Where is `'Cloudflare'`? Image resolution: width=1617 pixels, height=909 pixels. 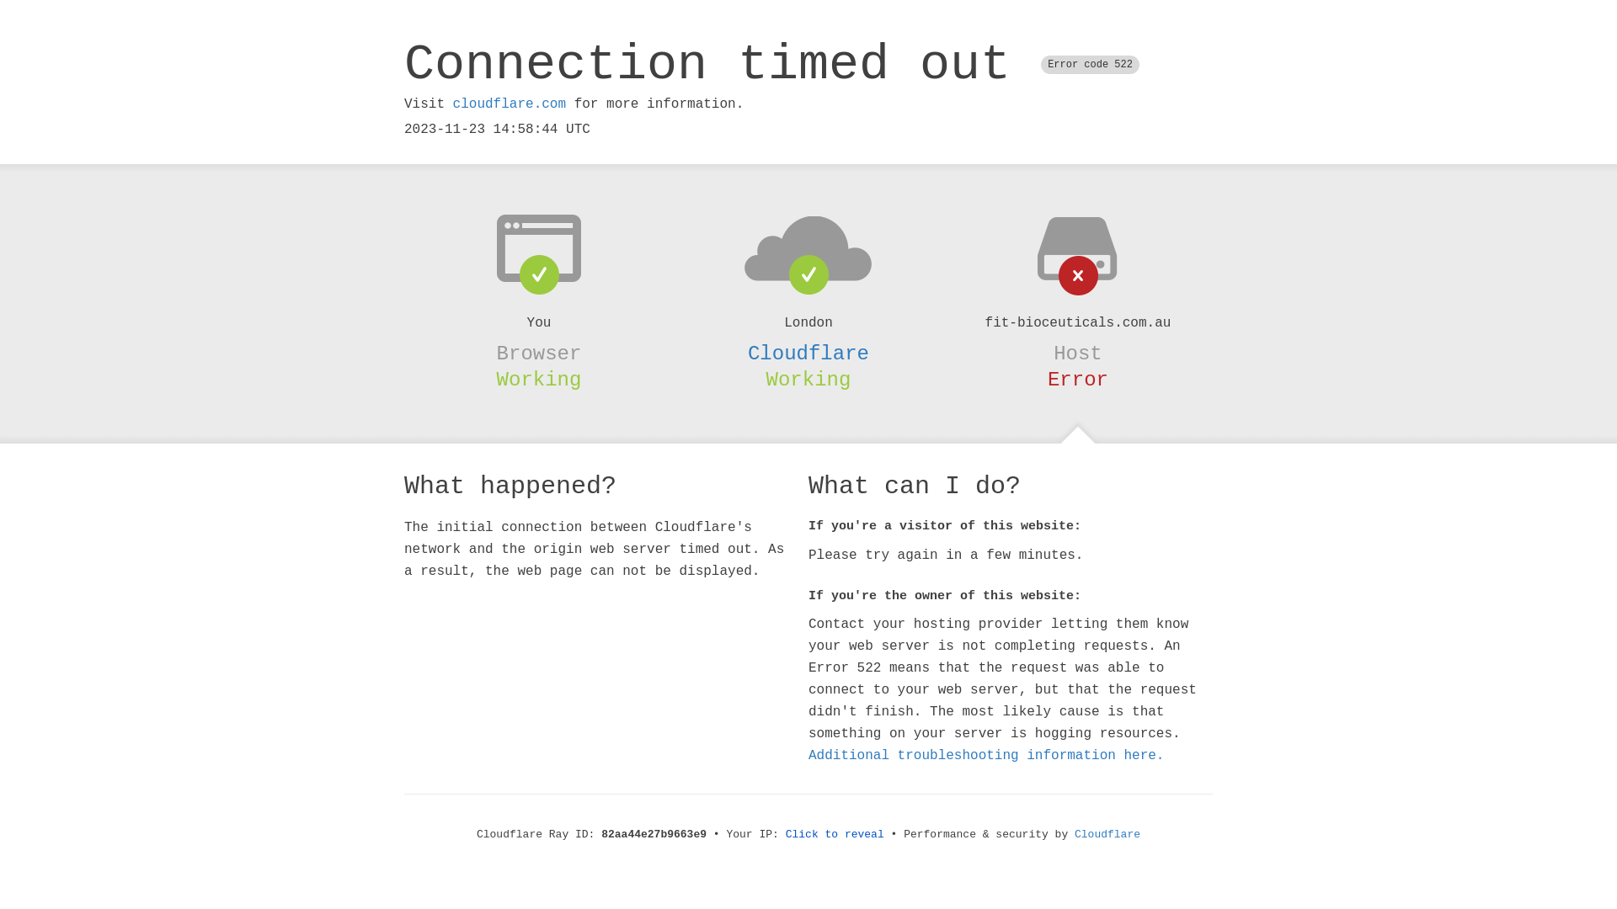 'Cloudflare' is located at coordinates (1074, 834).